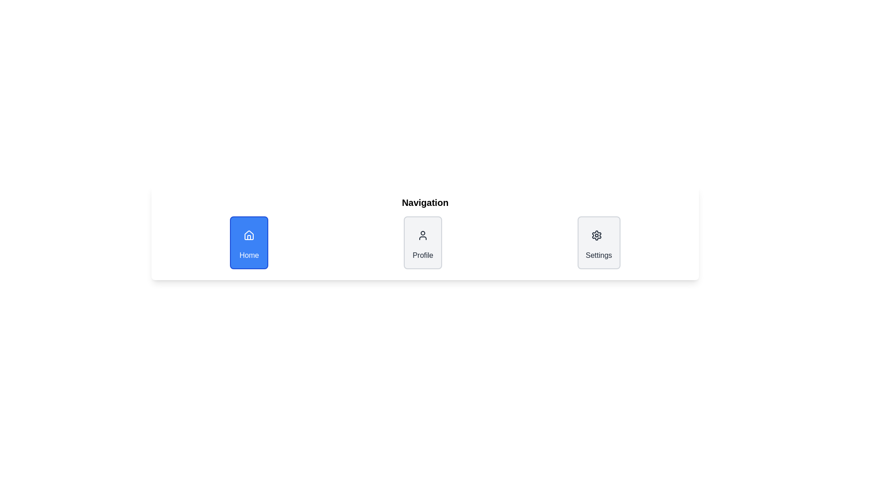  Describe the element at coordinates (599, 255) in the screenshot. I see `the 'Settings' text label displayed in dark-gray within a light-gray rectangular area` at that location.